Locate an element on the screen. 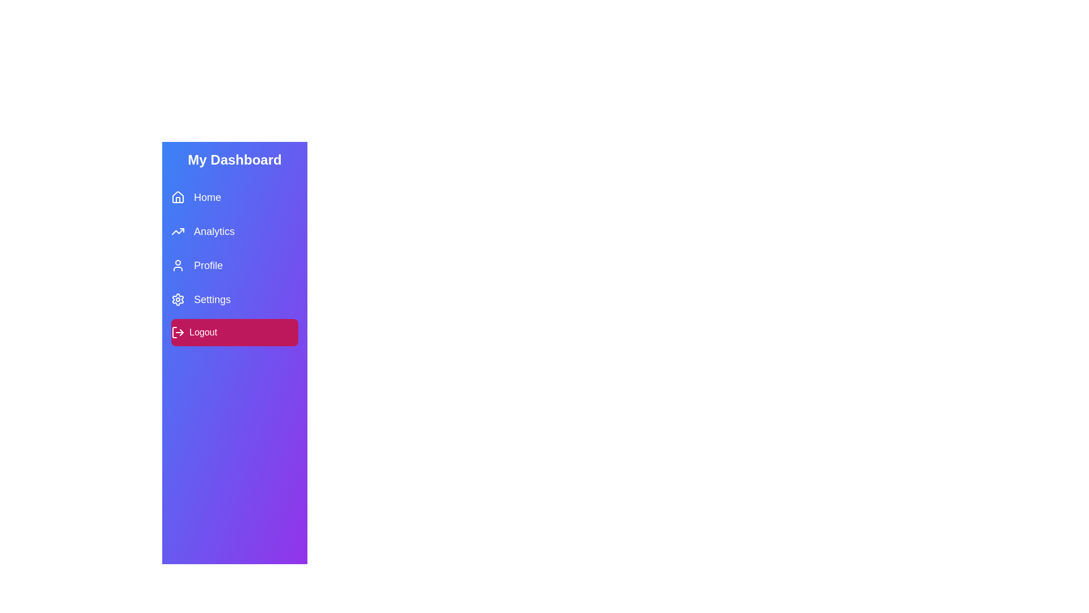 This screenshot has width=1089, height=613. the 'Home' text label, which is a bold, white-colored component located to the right of a house-shaped icon in the vertical menu panel is located at coordinates (207, 196).